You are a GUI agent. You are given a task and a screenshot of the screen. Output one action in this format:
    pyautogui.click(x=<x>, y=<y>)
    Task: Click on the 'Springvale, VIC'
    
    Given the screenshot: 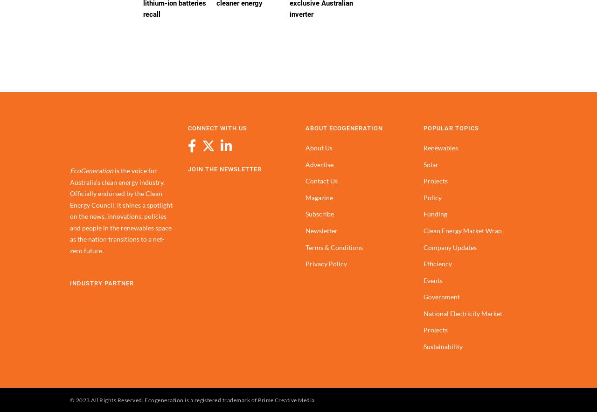 What is the action you would take?
    pyautogui.click(x=175, y=149)
    